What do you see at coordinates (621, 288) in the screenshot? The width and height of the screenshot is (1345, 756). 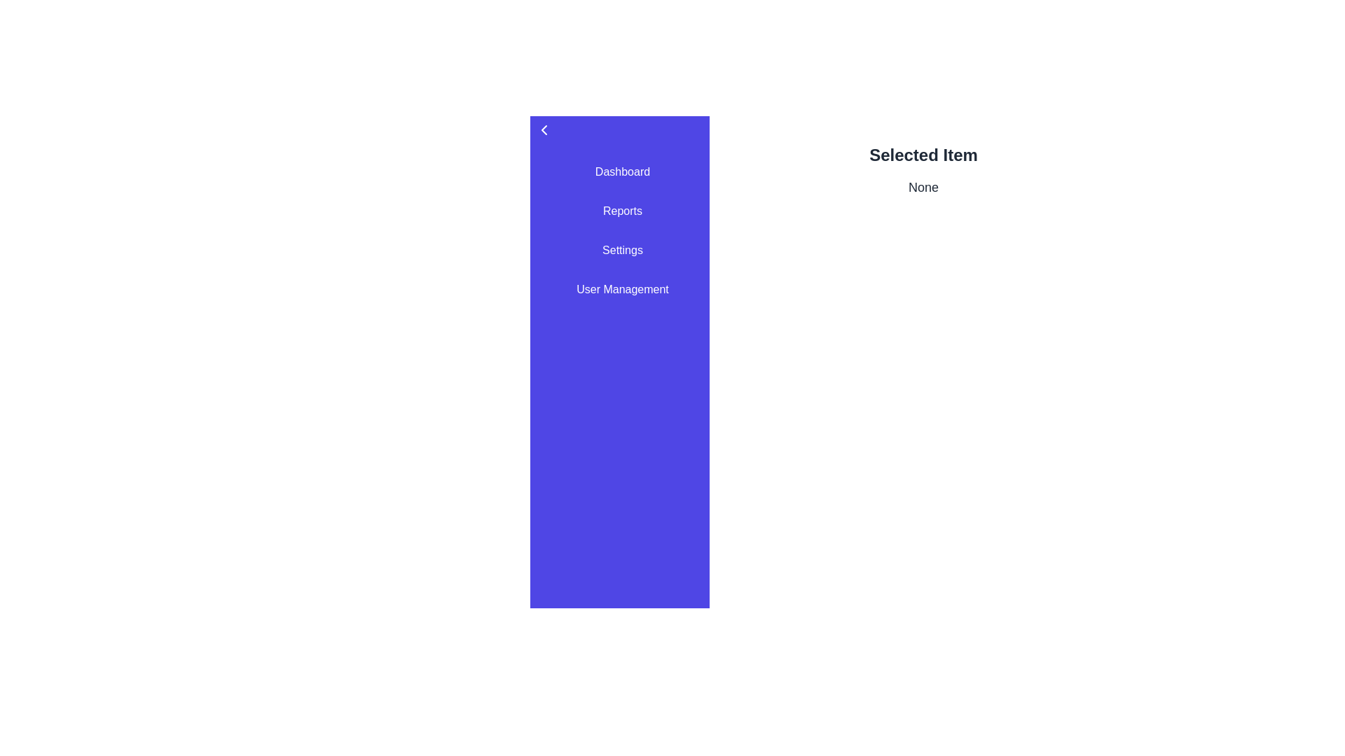 I see `the 'User Management' button with a blue background and white text, located in the vertical navigation menu` at bounding box center [621, 288].